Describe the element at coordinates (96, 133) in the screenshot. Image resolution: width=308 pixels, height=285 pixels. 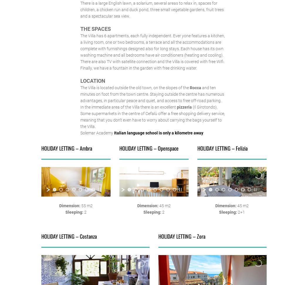
I see `'Solemar Academy'` at that location.